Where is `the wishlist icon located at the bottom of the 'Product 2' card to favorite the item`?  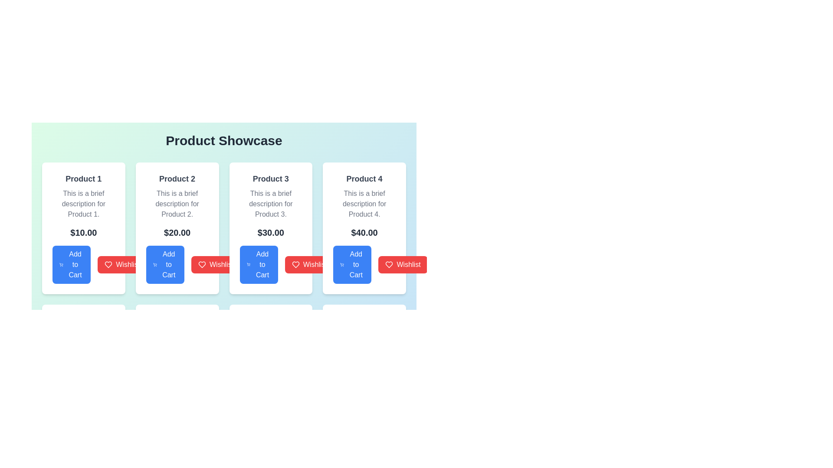
the wishlist icon located at the bottom of the 'Product 2' card to favorite the item is located at coordinates (108, 264).